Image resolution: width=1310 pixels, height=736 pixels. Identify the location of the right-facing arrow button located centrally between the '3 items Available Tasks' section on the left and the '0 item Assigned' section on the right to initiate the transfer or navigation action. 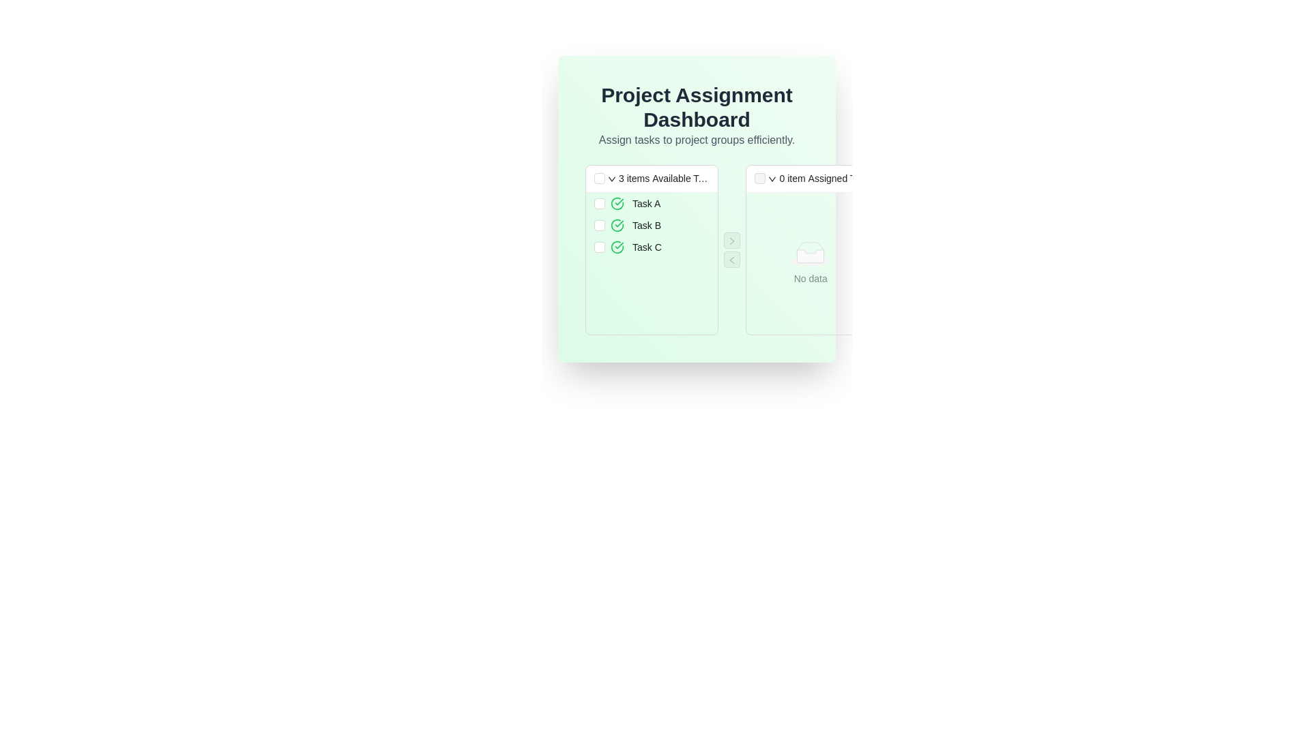
(731, 240).